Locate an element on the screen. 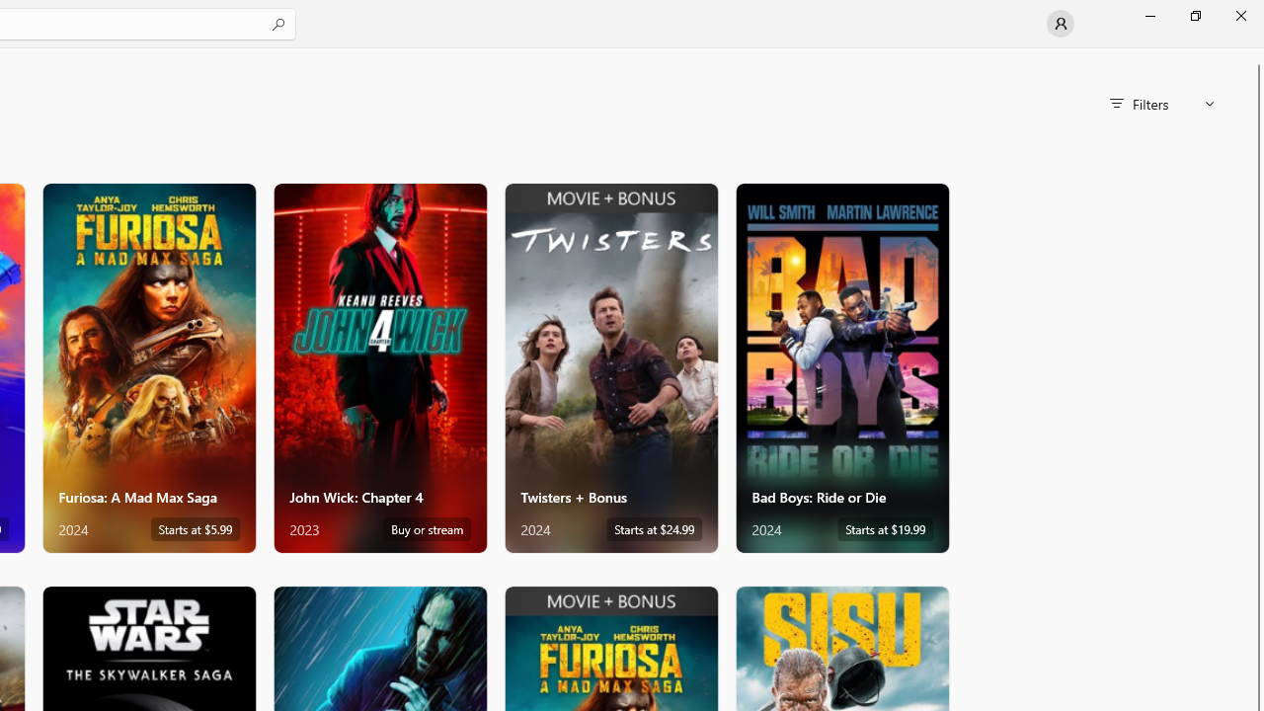 The width and height of the screenshot is (1264, 711). 'Filters' is located at coordinates (1161, 104).